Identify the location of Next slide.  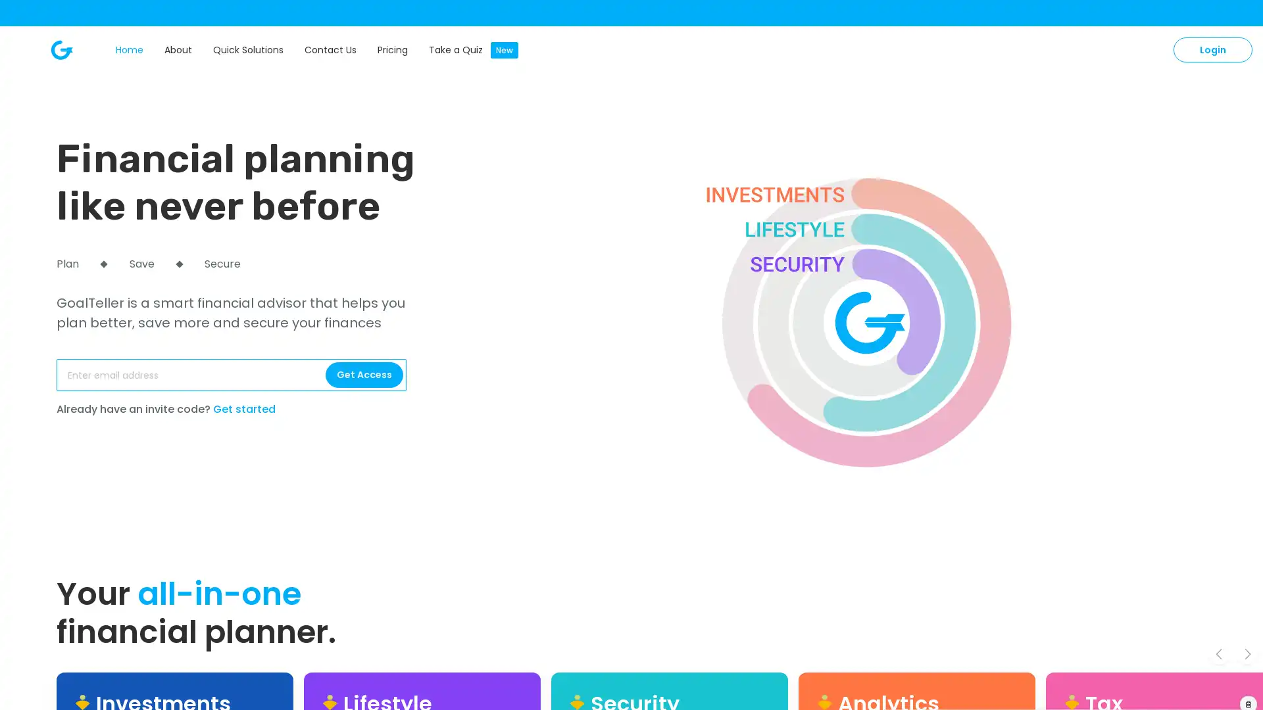
(1247, 653).